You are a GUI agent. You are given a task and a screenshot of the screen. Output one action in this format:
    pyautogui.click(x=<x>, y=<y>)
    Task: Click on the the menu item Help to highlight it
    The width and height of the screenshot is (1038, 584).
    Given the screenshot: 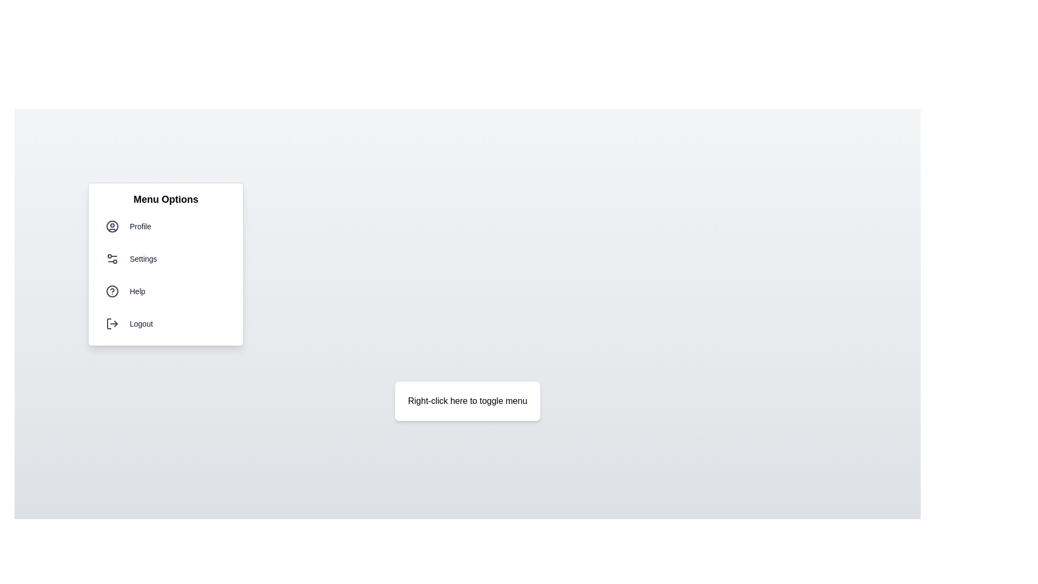 What is the action you would take?
    pyautogui.click(x=165, y=291)
    